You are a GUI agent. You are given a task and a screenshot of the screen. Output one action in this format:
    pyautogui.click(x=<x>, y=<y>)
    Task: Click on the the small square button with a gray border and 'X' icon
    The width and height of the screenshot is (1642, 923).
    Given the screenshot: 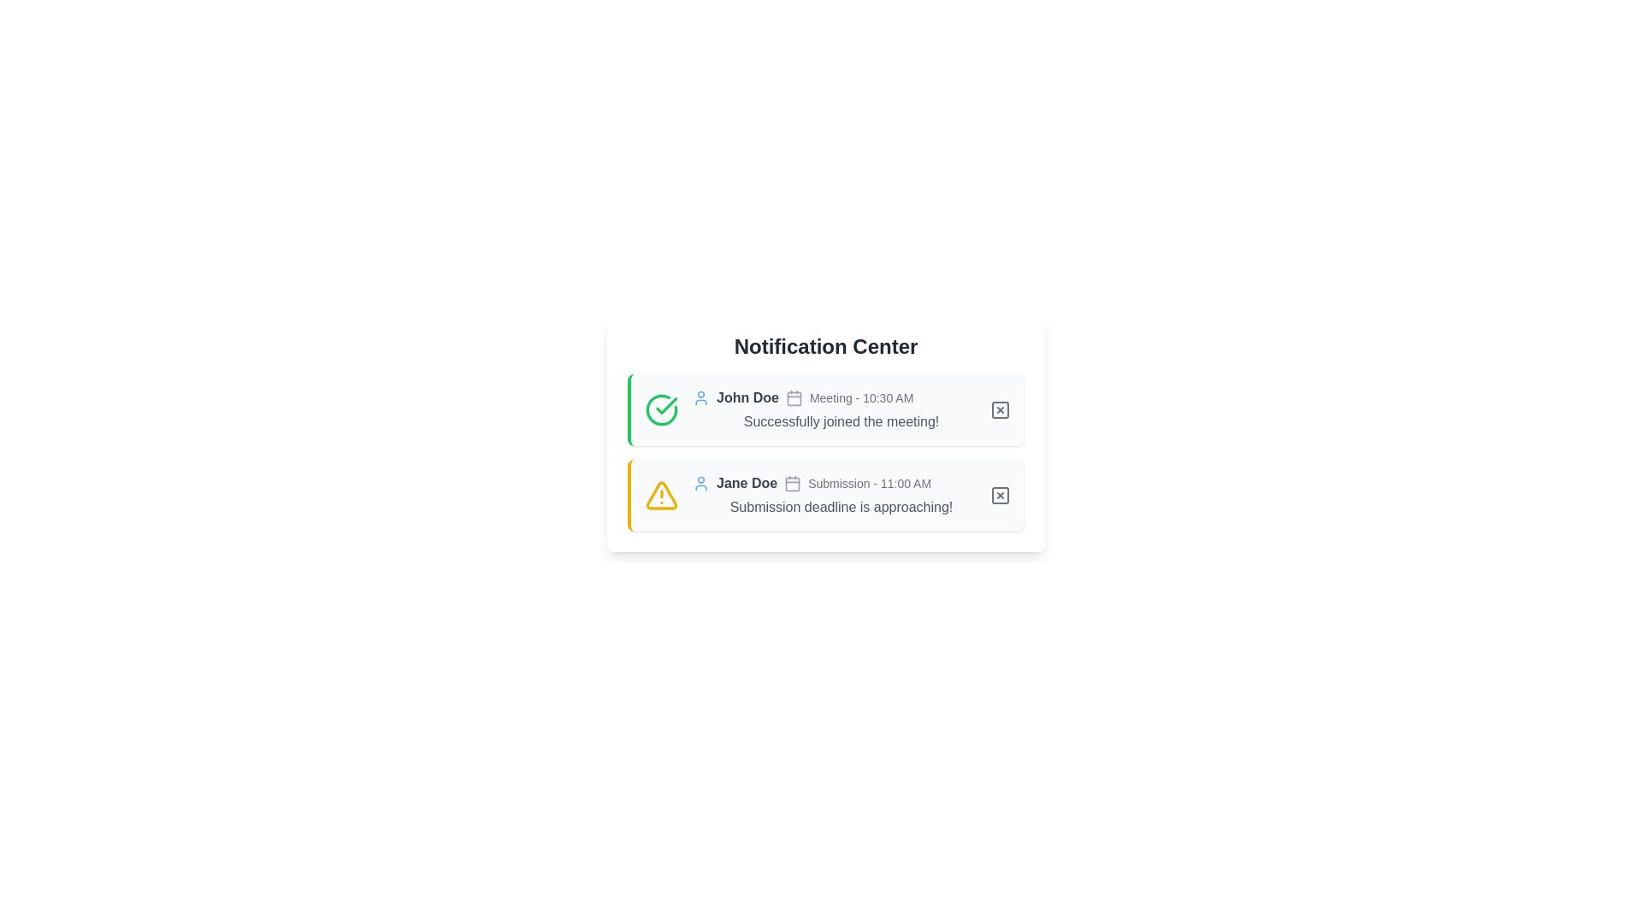 What is the action you would take?
    pyautogui.click(x=1001, y=495)
    